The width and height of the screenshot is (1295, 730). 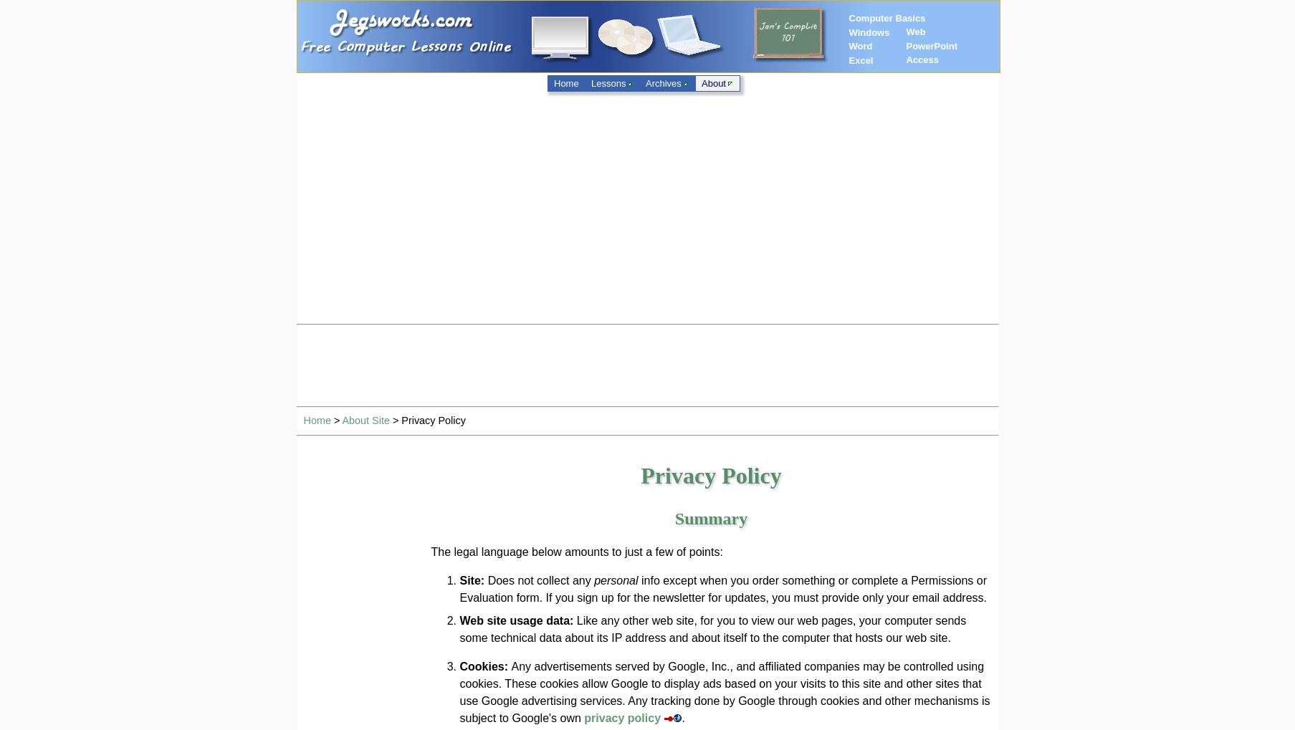 What do you see at coordinates (622, 718) in the screenshot?
I see `'privacy policy'` at bounding box center [622, 718].